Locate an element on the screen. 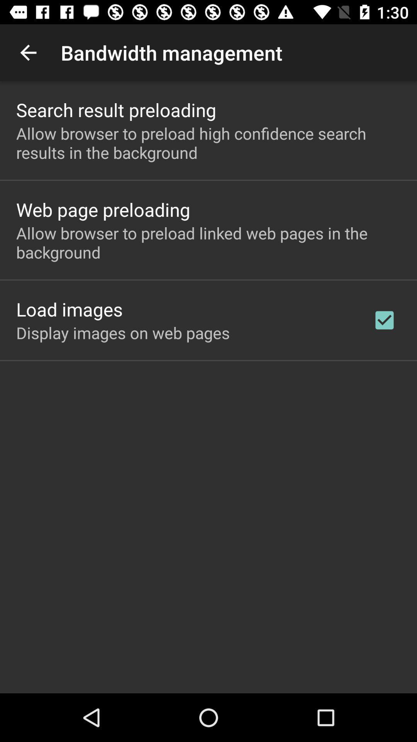  the app to the left of the bandwidth management icon is located at coordinates (28, 52).